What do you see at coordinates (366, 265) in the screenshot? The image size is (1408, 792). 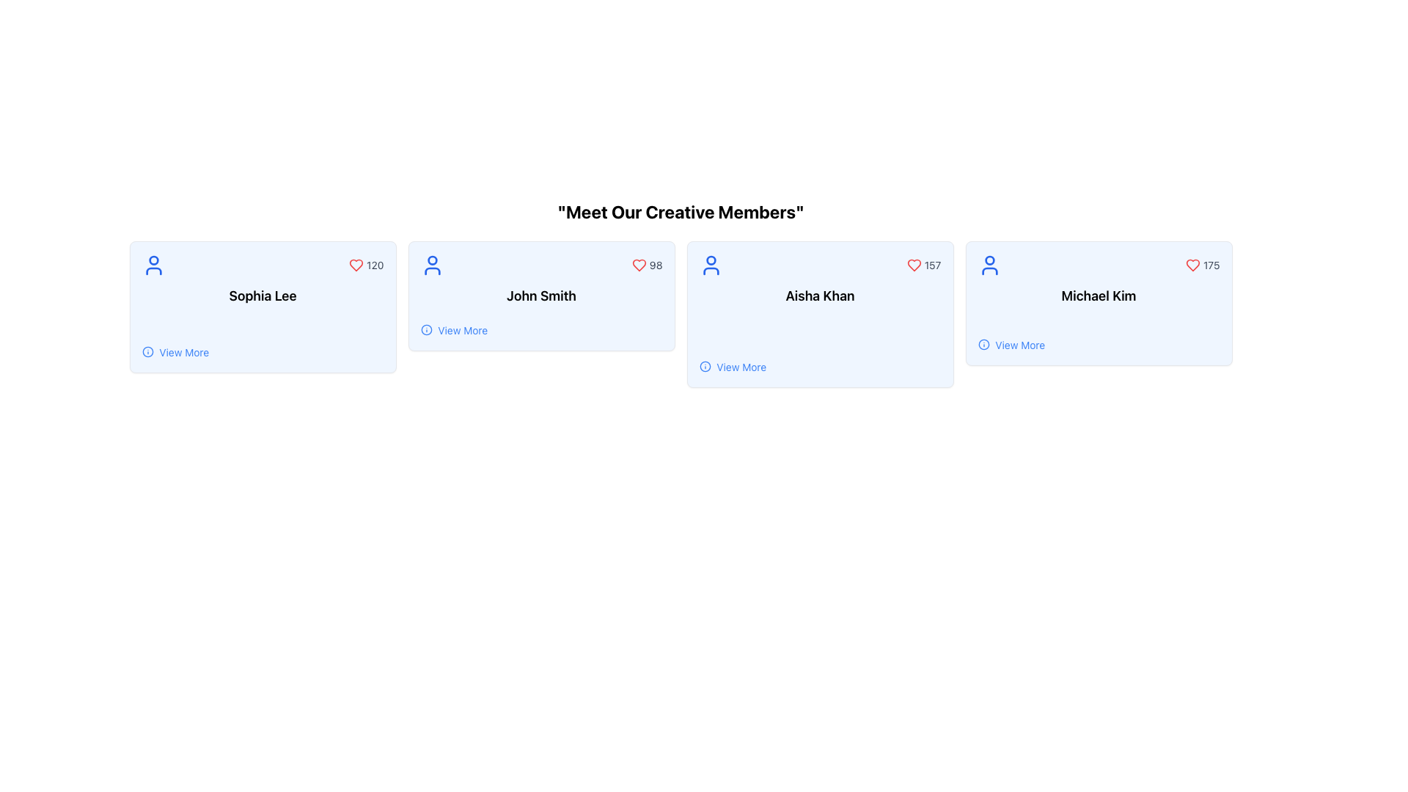 I see `number '120' displayed next to the red heart icon in the likes count section for 'Sophia Lee'` at bounding box center [366, 265].